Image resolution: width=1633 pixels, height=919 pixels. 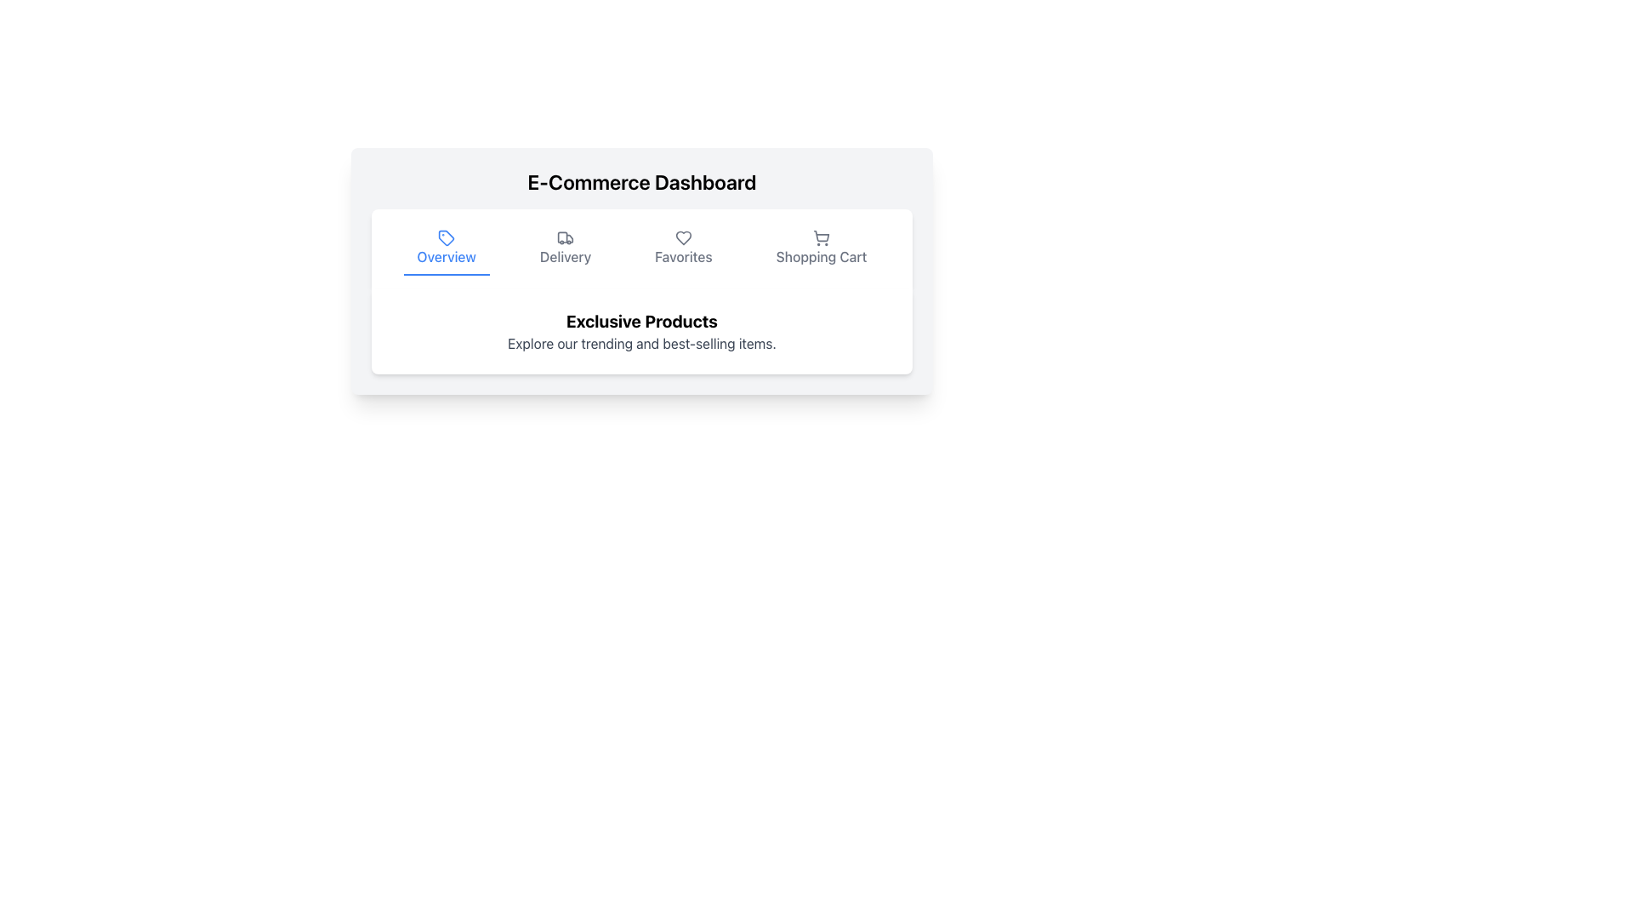 What do you see at coordinates (566, 249) in the screenshot?
I see `the 'Delivery' button, which features a delivery truck icon above the text` at bounding box center [566, 249].